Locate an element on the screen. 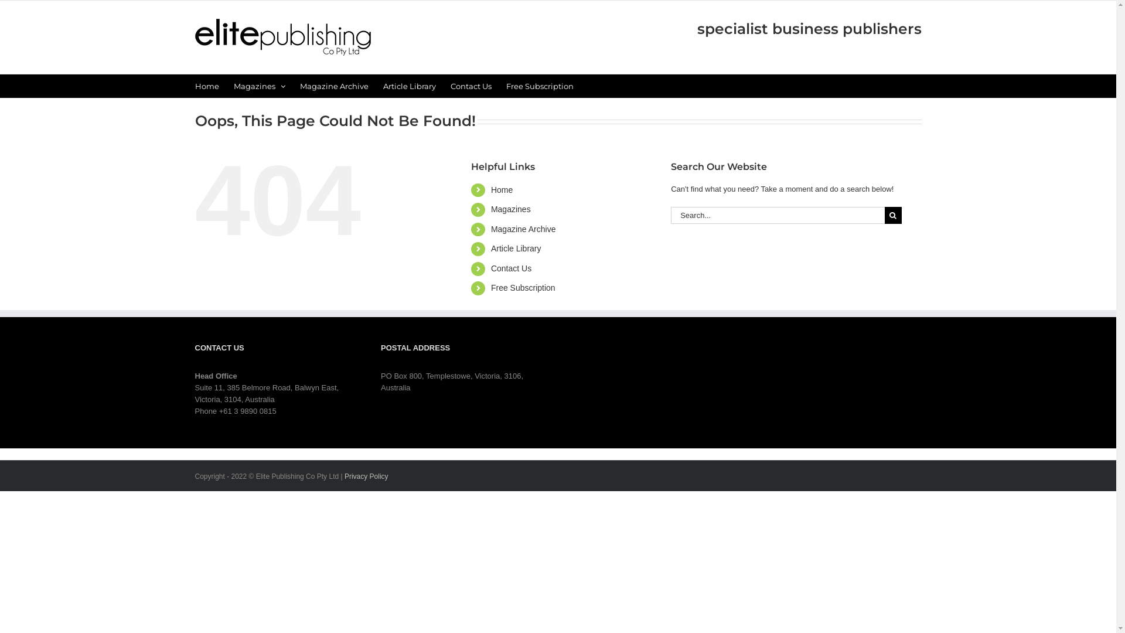  'Magazine Archive' is located at coordinates (523, 229).